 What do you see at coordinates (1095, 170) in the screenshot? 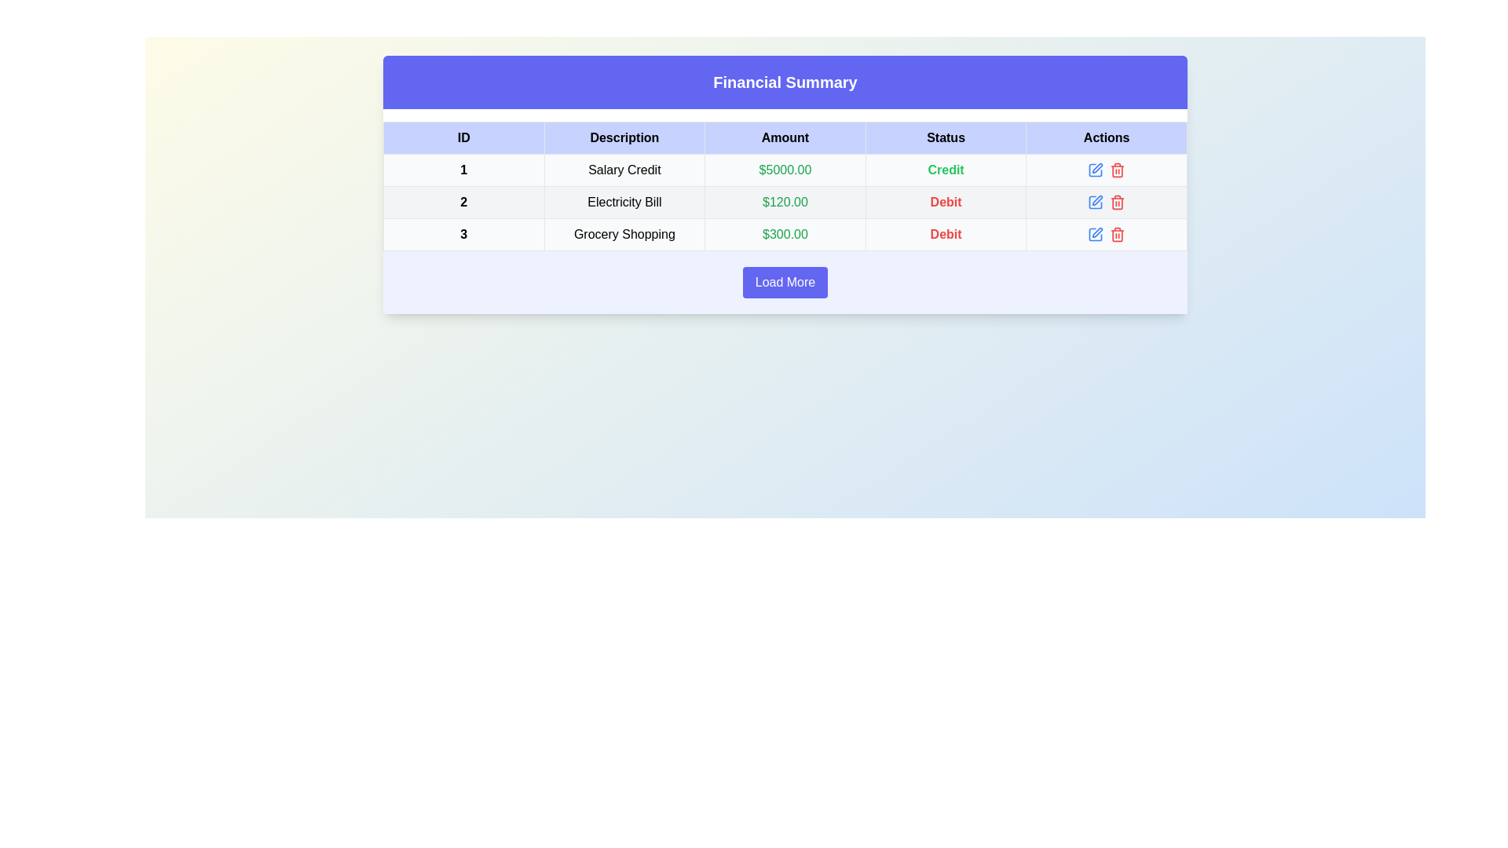
I see `the pen-edit icon located in the Actions column of the first row of the financial summary table` at bounding box center [1095, 170].